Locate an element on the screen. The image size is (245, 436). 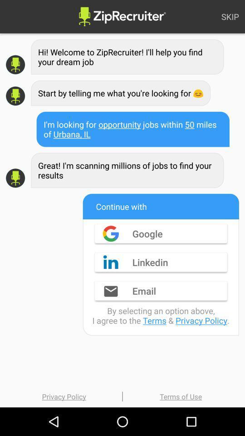
the icon above hi welcome to icon is located at coordinates (230, 16).